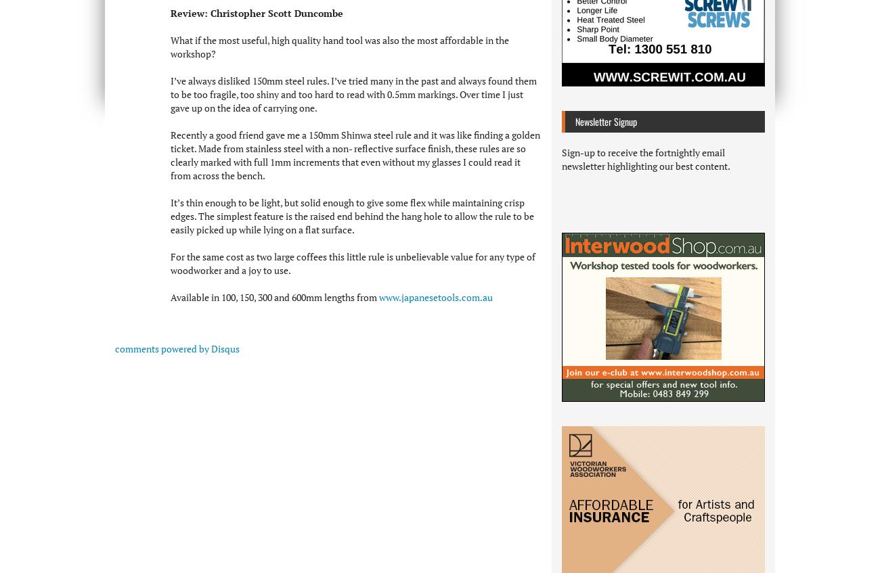  Describe the element at coordinates (211, 347) in the screenshot. I see `'Disqus'` at that location.